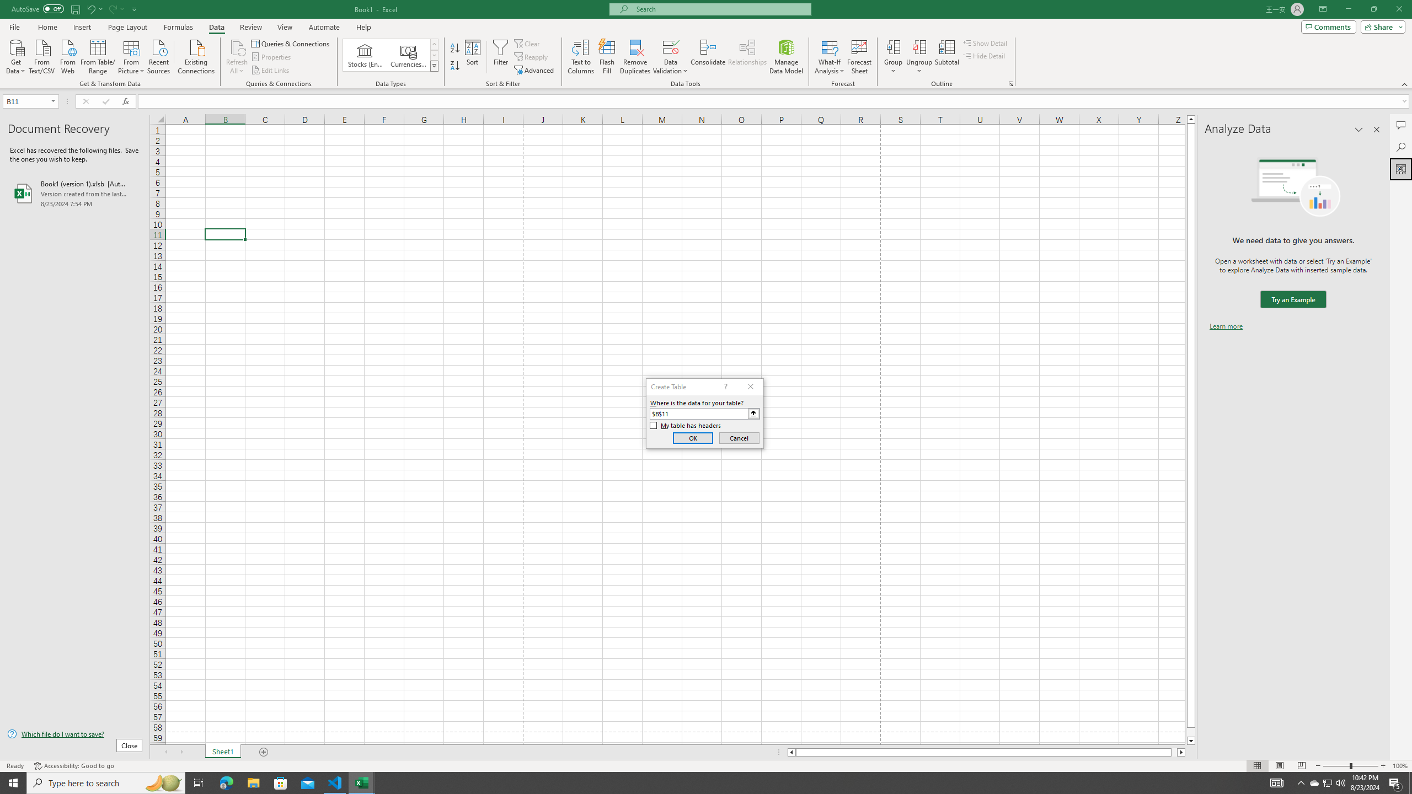  What do you see at coordinates (454, 65) in the screenshot?
I see `'Sort Z to A'` at bounding box center [454, 65].